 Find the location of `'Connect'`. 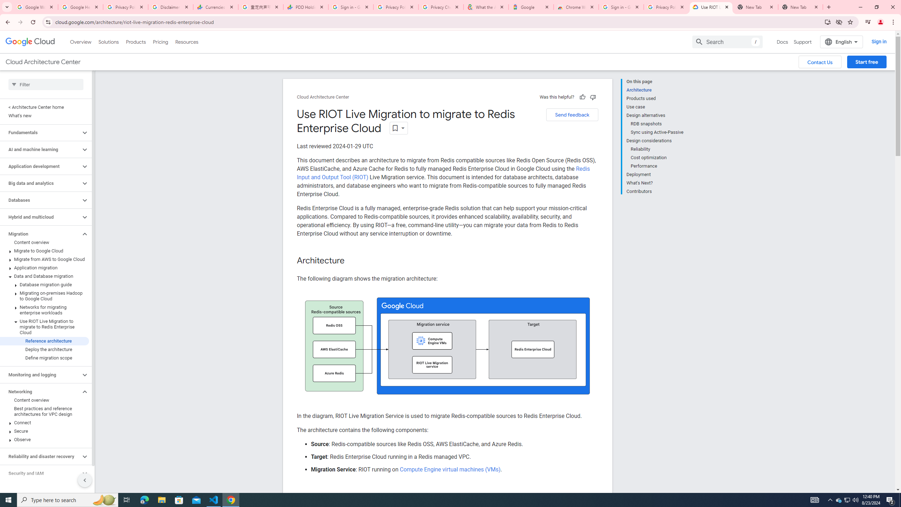

'Connect' is located at coordinates (44, 422).